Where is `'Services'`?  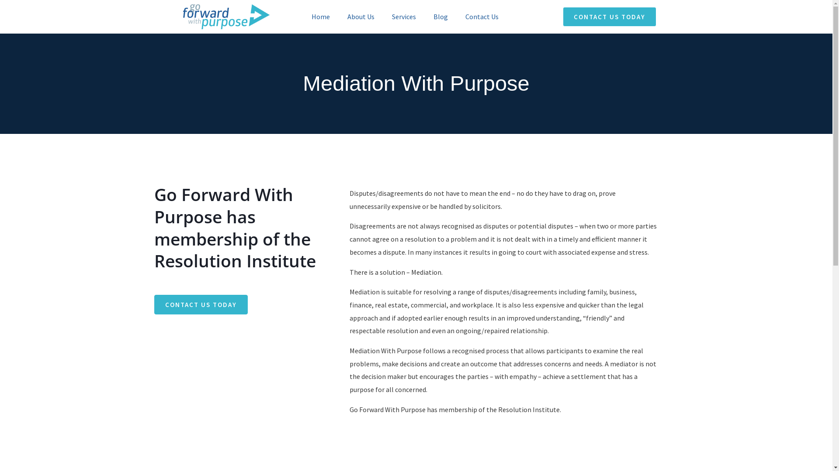 'Services' is located at coordinates (403, 17).